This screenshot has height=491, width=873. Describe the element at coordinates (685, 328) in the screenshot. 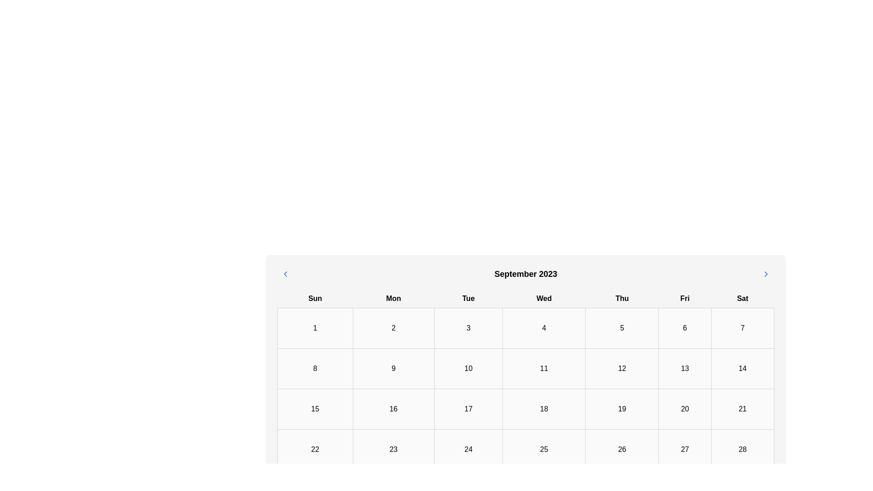

I see `the date selection button representing '6' for Friday in September 2023` at that location.